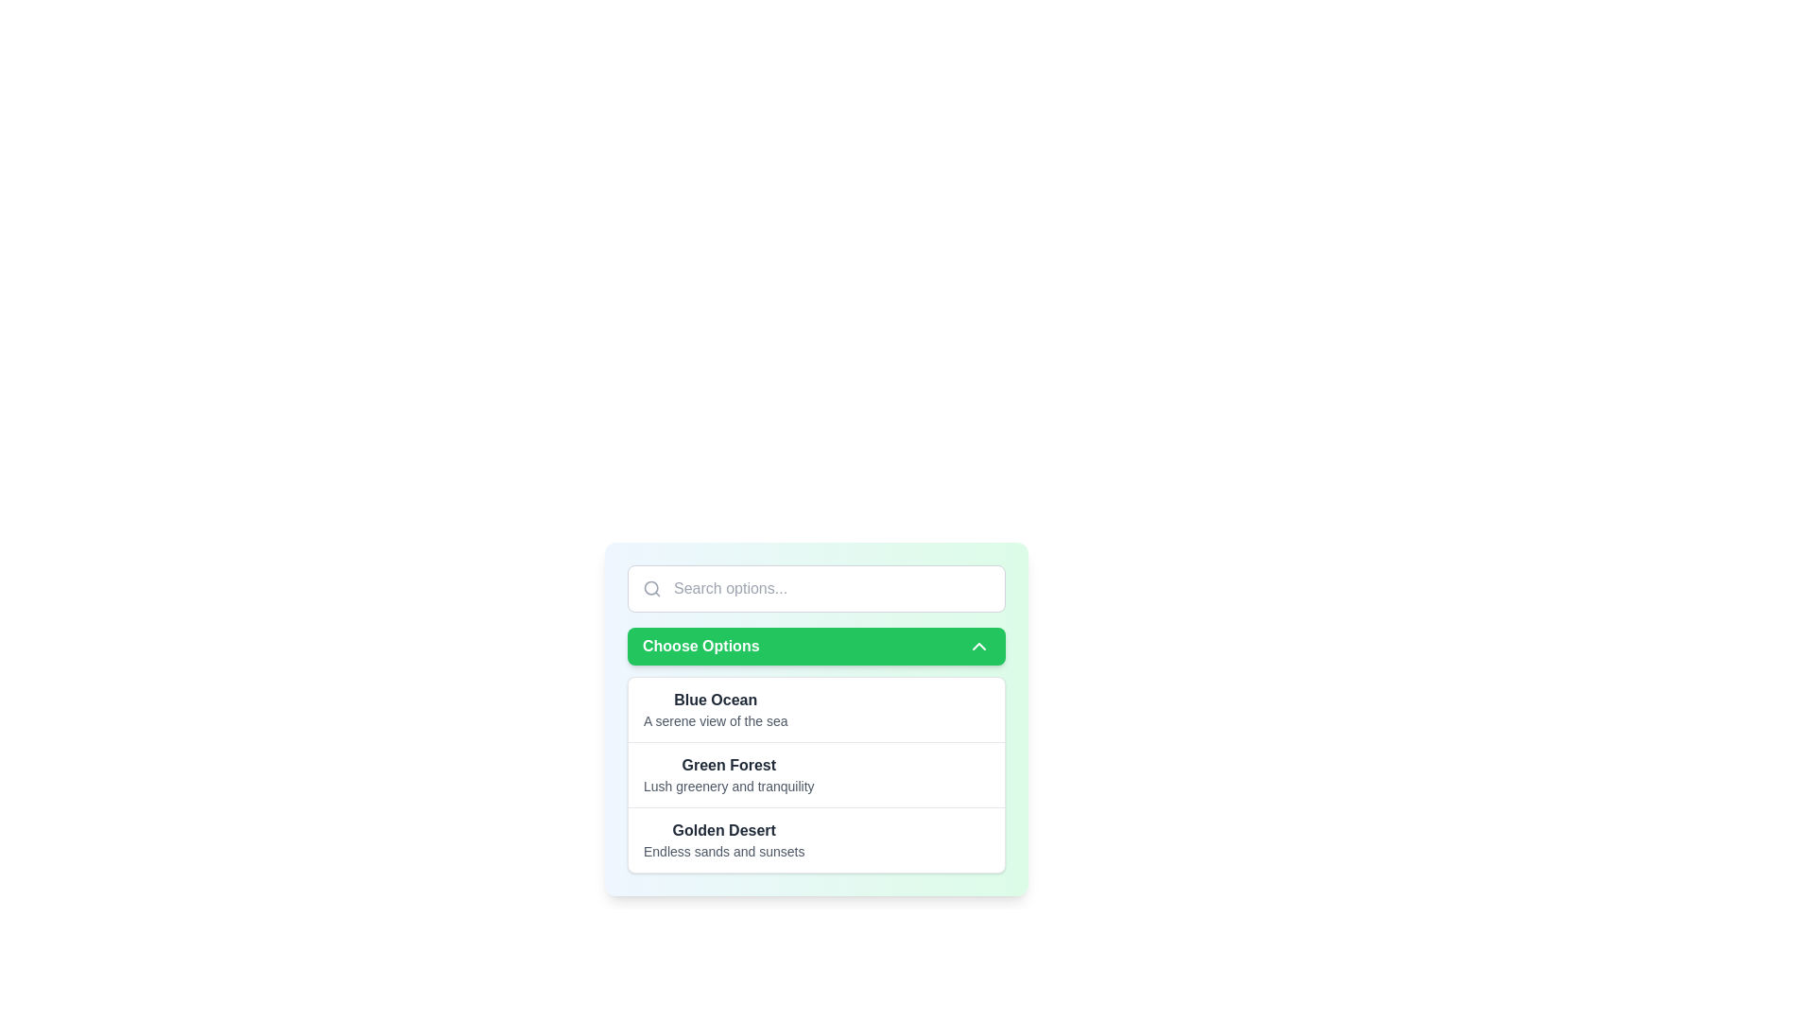 The width and height of the screenshot is (1815, 1021). I want to click on the text label located below the heading 'Golden Desert' in the dropdown menu, which provides additional information about the item, so click(723, 852).